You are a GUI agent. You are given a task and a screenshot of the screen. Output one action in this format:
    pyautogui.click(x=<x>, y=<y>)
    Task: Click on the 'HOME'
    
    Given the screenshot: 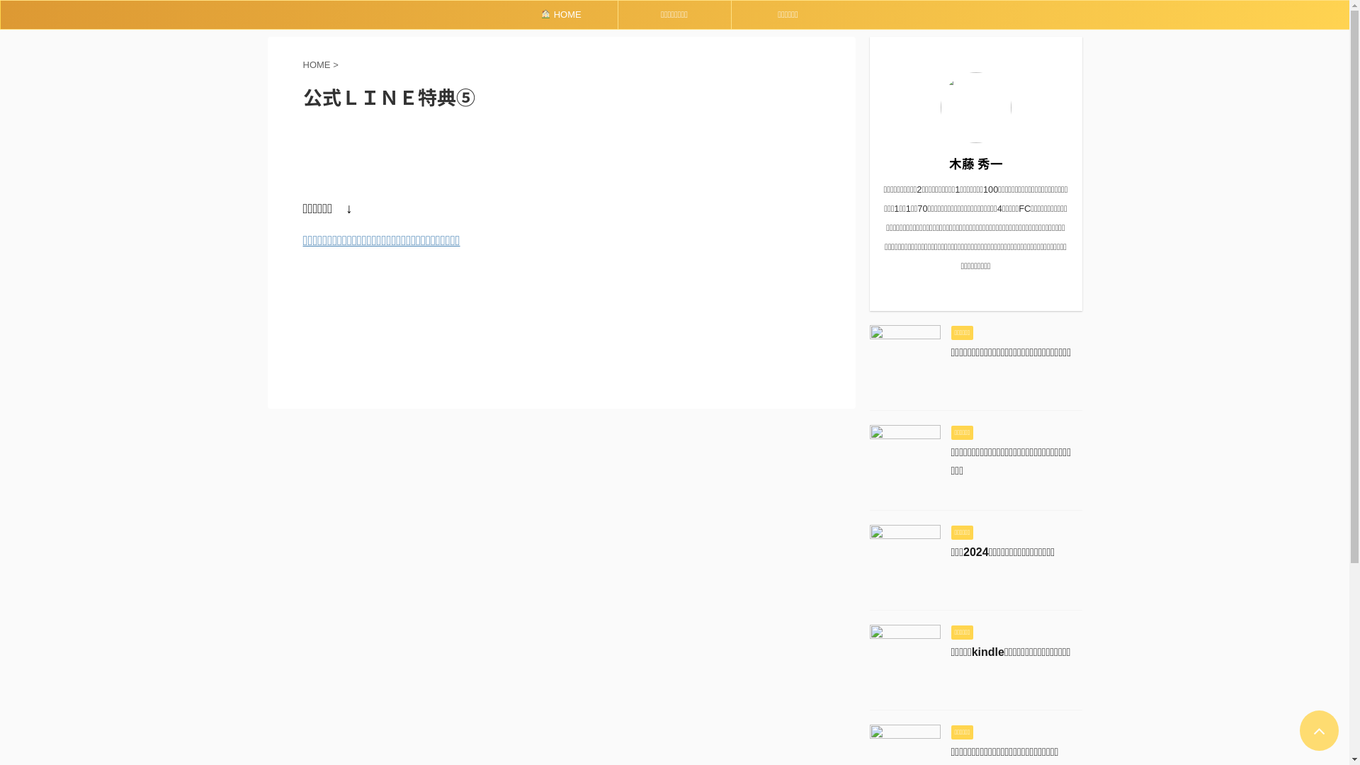 What is the action you would take?
    pyautogui.click(x=317, y=64)
    